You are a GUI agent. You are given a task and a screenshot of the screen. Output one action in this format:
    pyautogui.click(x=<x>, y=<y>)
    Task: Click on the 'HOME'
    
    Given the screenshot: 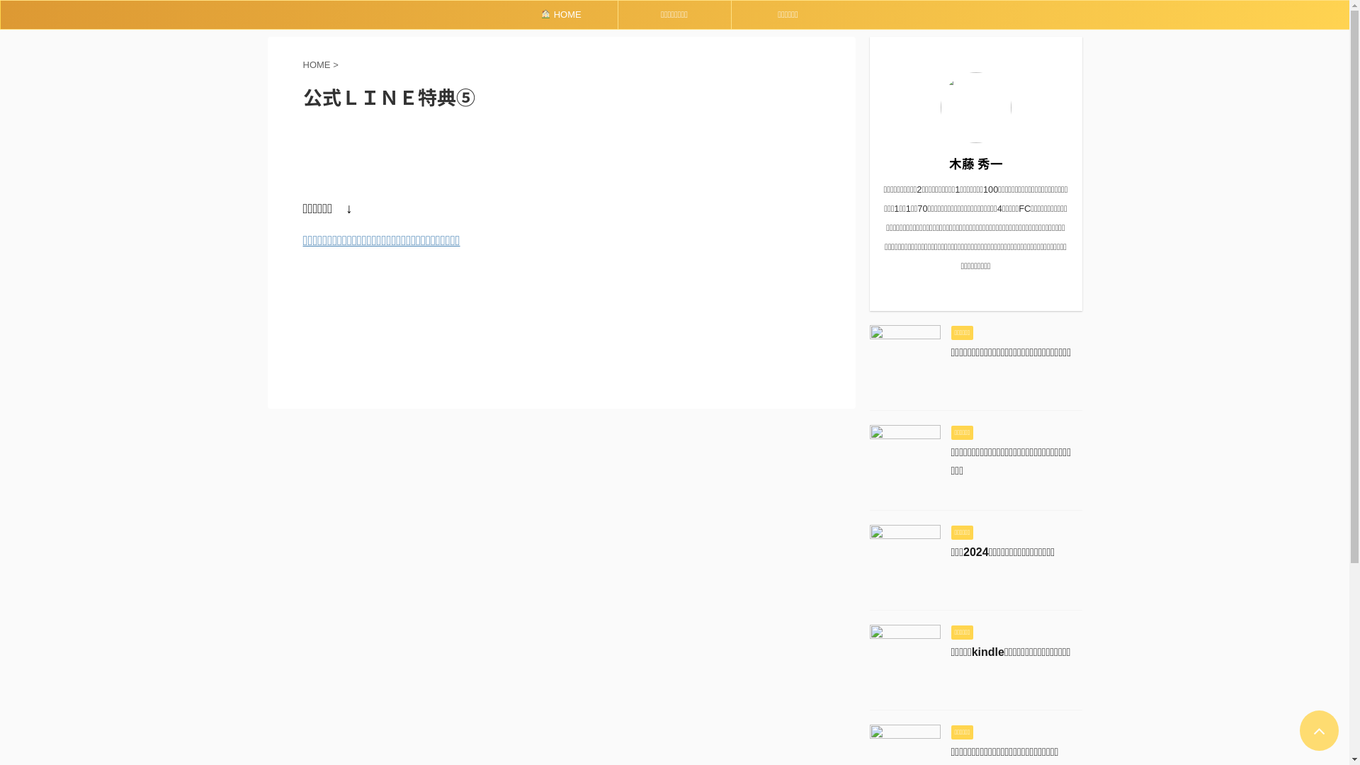 What is the action you would take?
    pyautogui.click(x=317, y=64)
    